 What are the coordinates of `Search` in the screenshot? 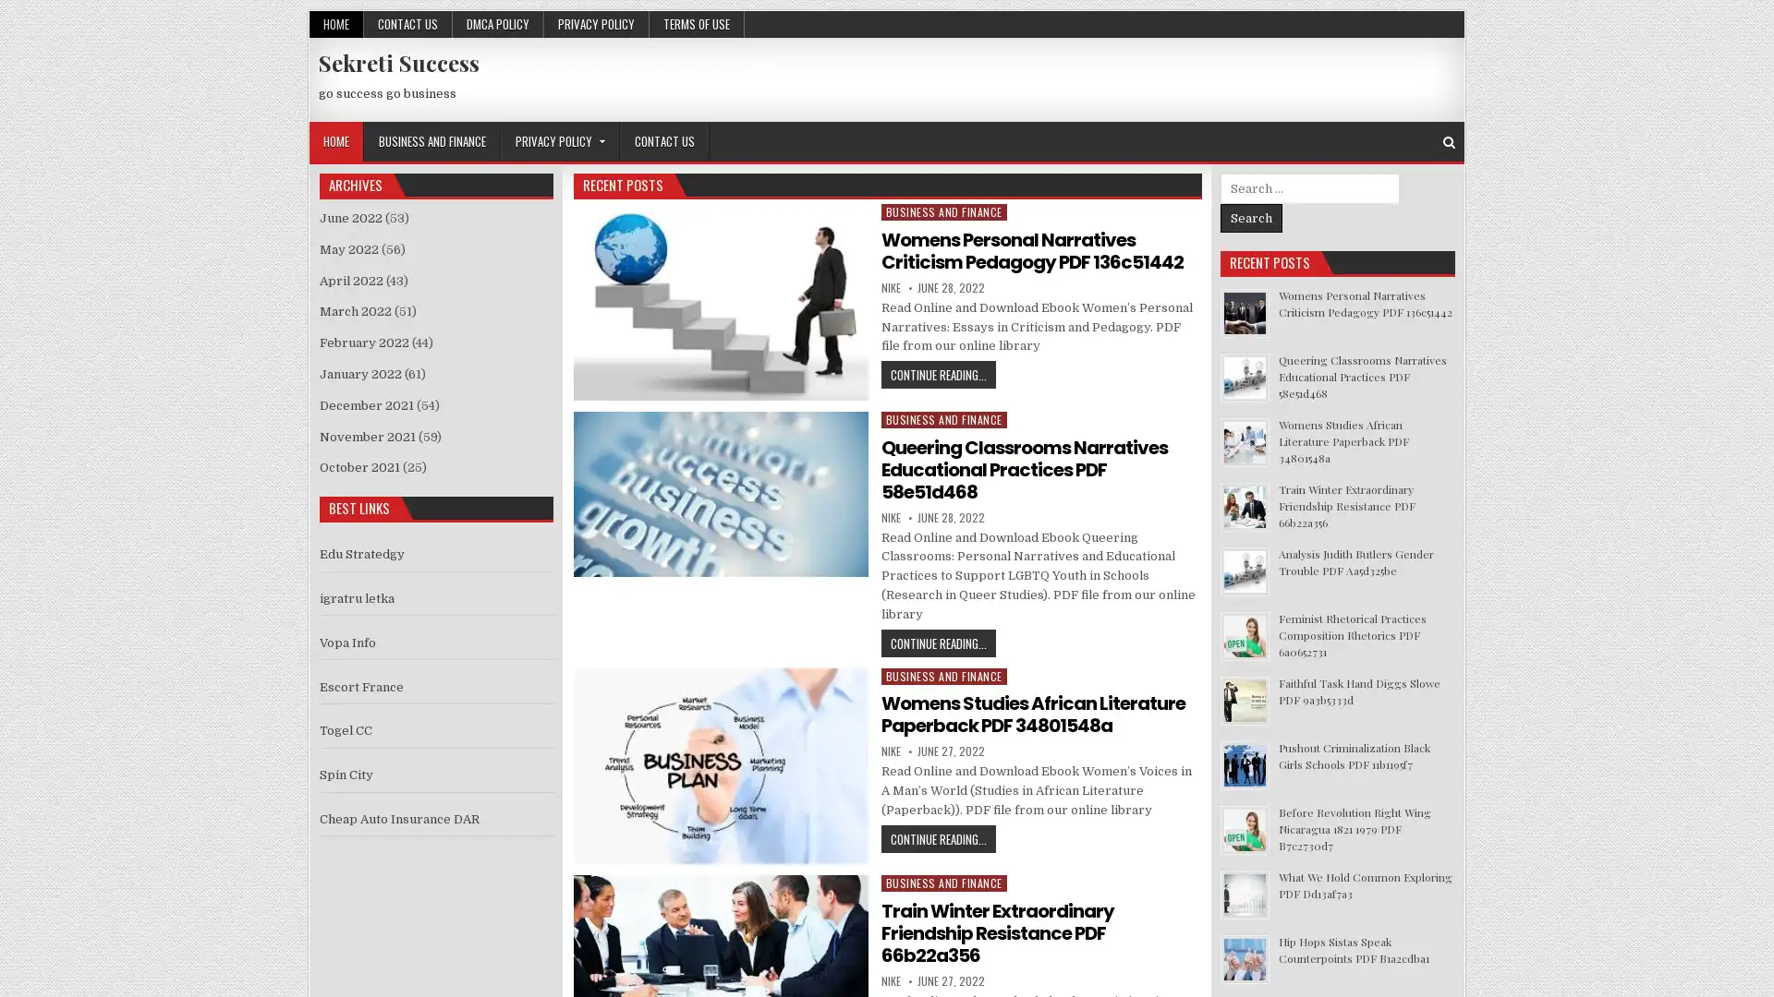 It's located at (1251, 217).